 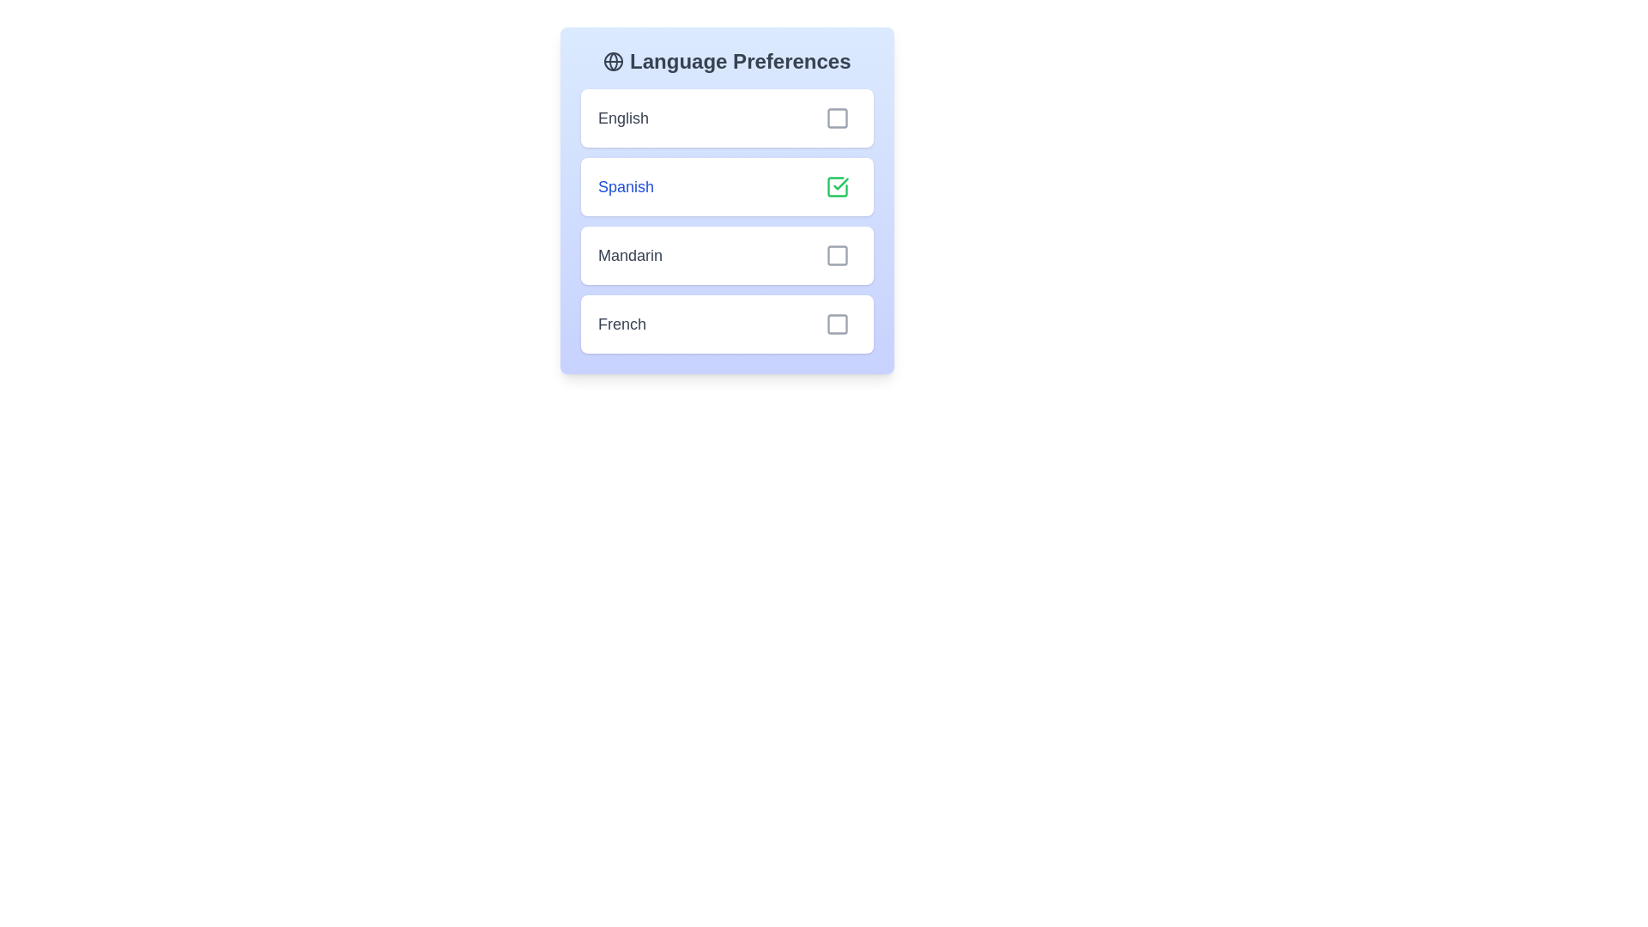 What do you see at coordinates (837, 118) in the screenshot?
I see `the checkbox for selecting or deselecting the English language preference, located in the 'Language Preferences' section, to potentially reveal a tooltip` at bounding box center [837, 118].